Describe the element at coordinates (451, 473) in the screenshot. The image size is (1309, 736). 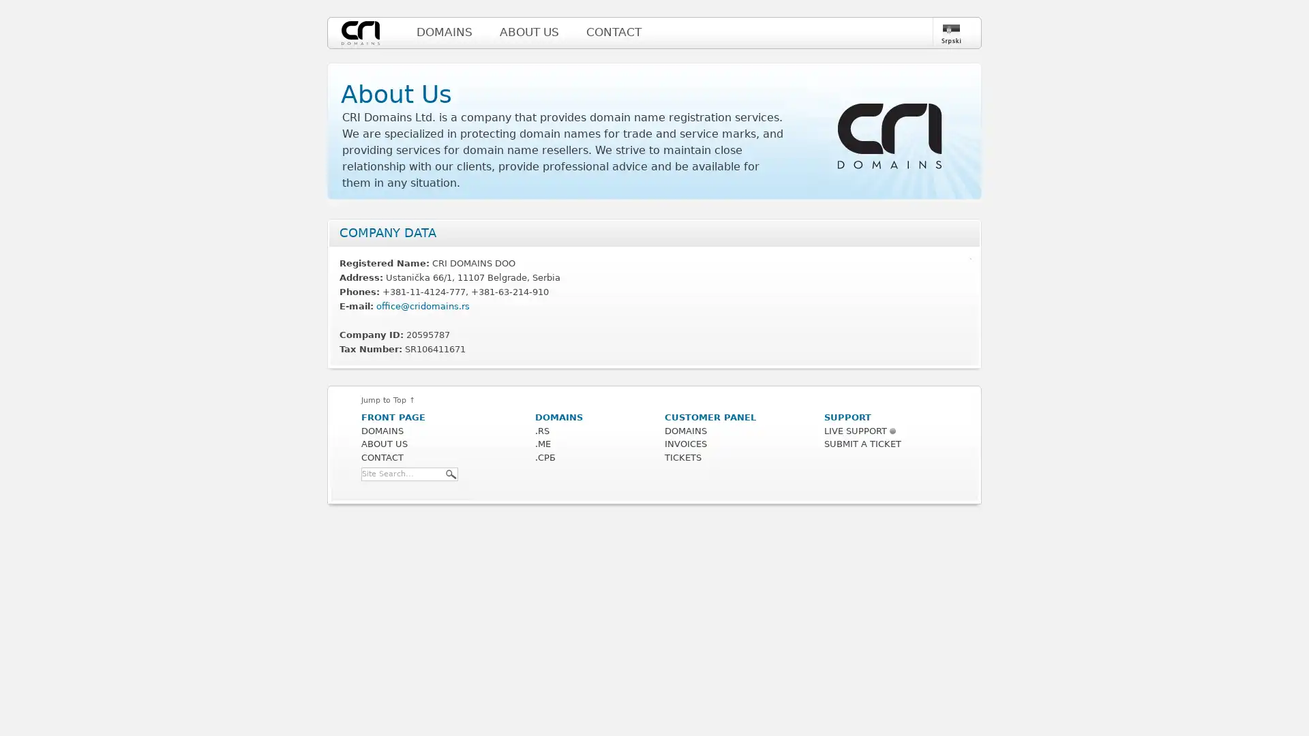
I see `Search` at that location.